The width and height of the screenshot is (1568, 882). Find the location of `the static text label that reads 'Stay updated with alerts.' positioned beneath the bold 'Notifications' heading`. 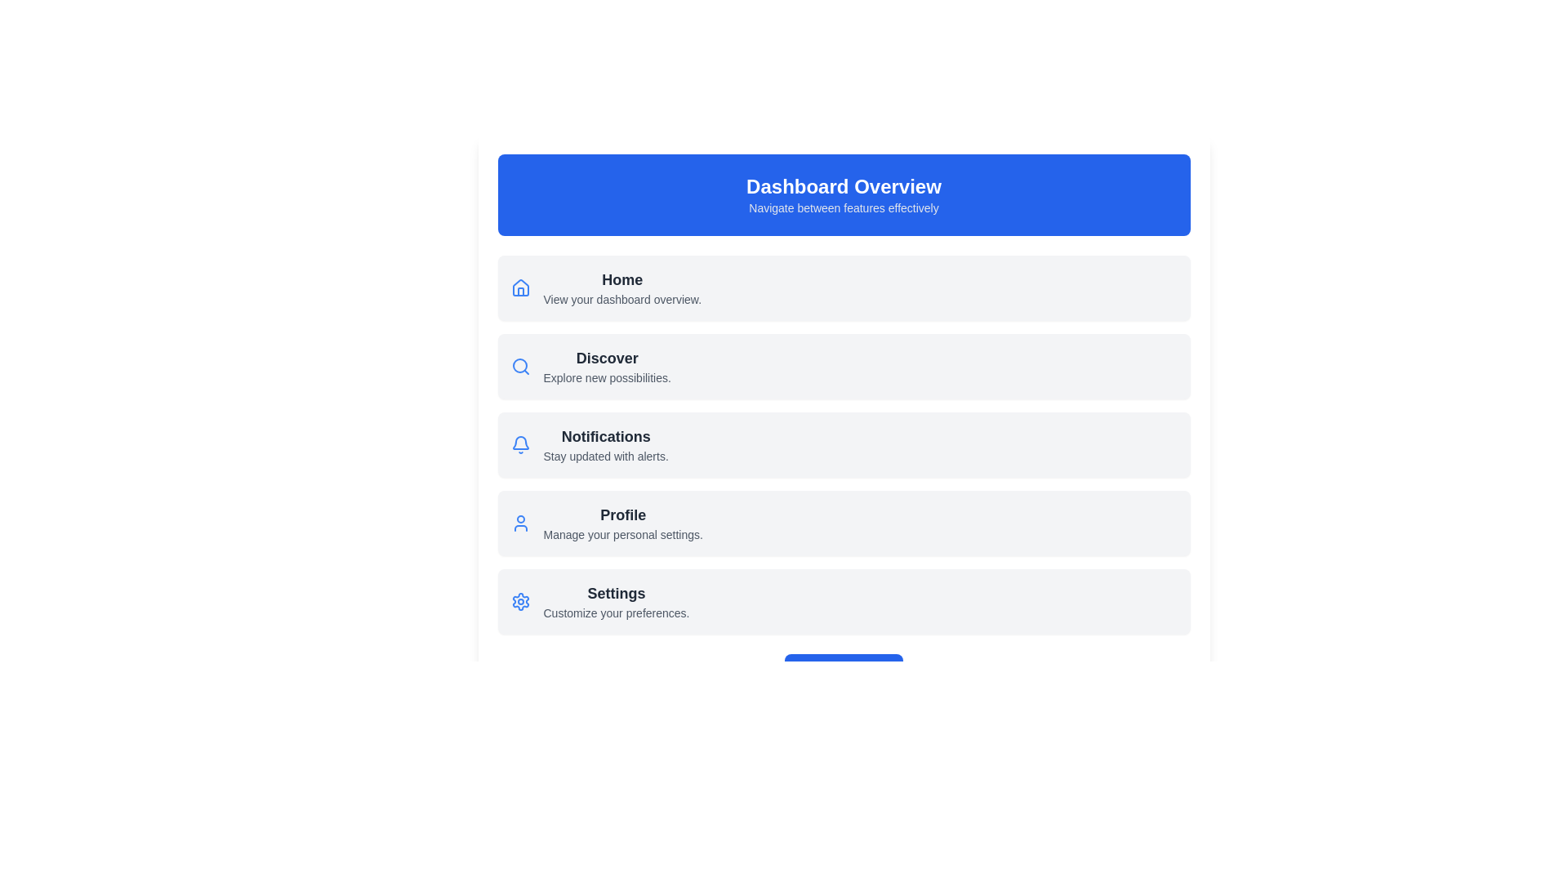

the static text label that reads 'Stay updated with alerts.' positioned beneath the bold 'Notifications' heading is located at coordinates (605, 457).